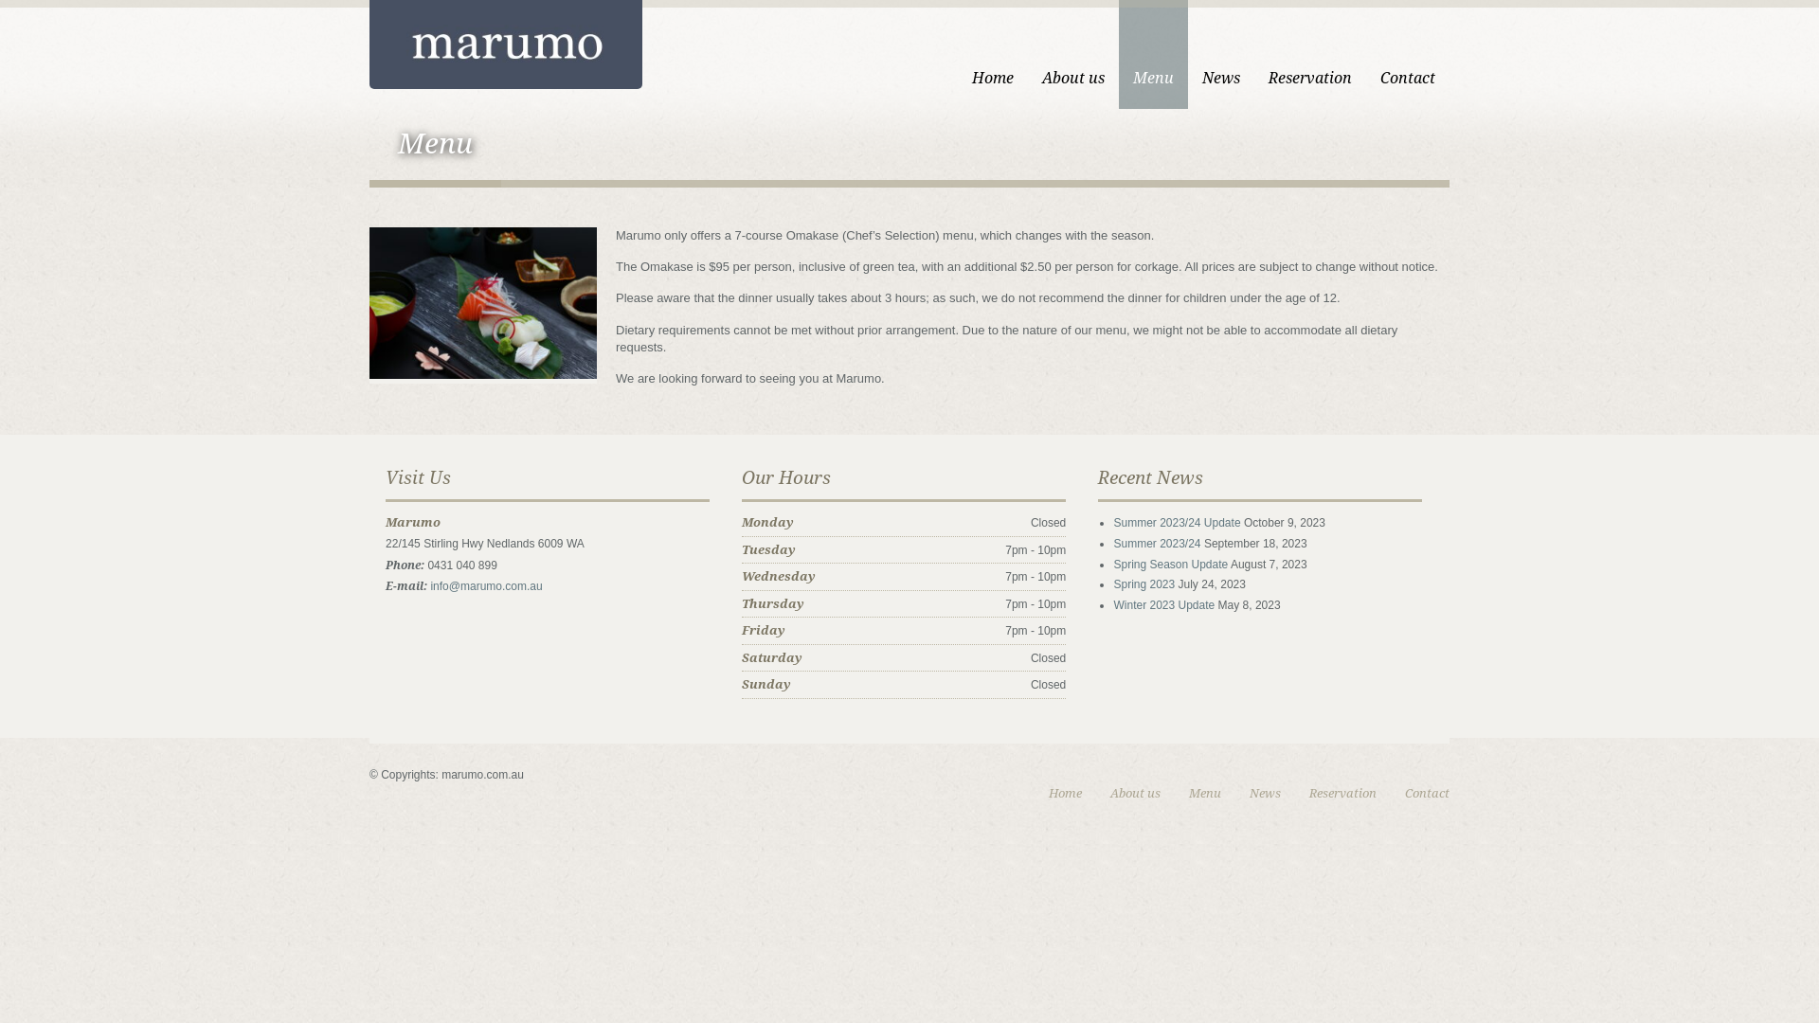 The width and height of the screenshot is (1819, 1023). I want to click on 'Home', so click(1065, 793).